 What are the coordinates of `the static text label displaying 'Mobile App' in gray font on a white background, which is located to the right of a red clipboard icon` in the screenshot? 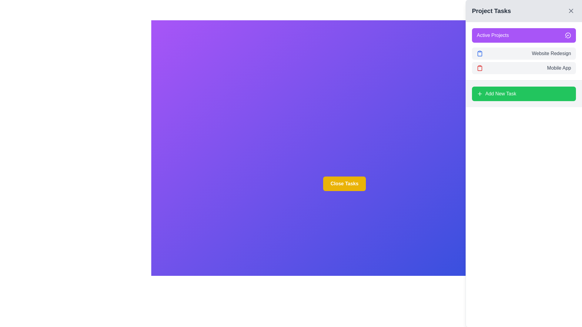 It's located at (559, 68).